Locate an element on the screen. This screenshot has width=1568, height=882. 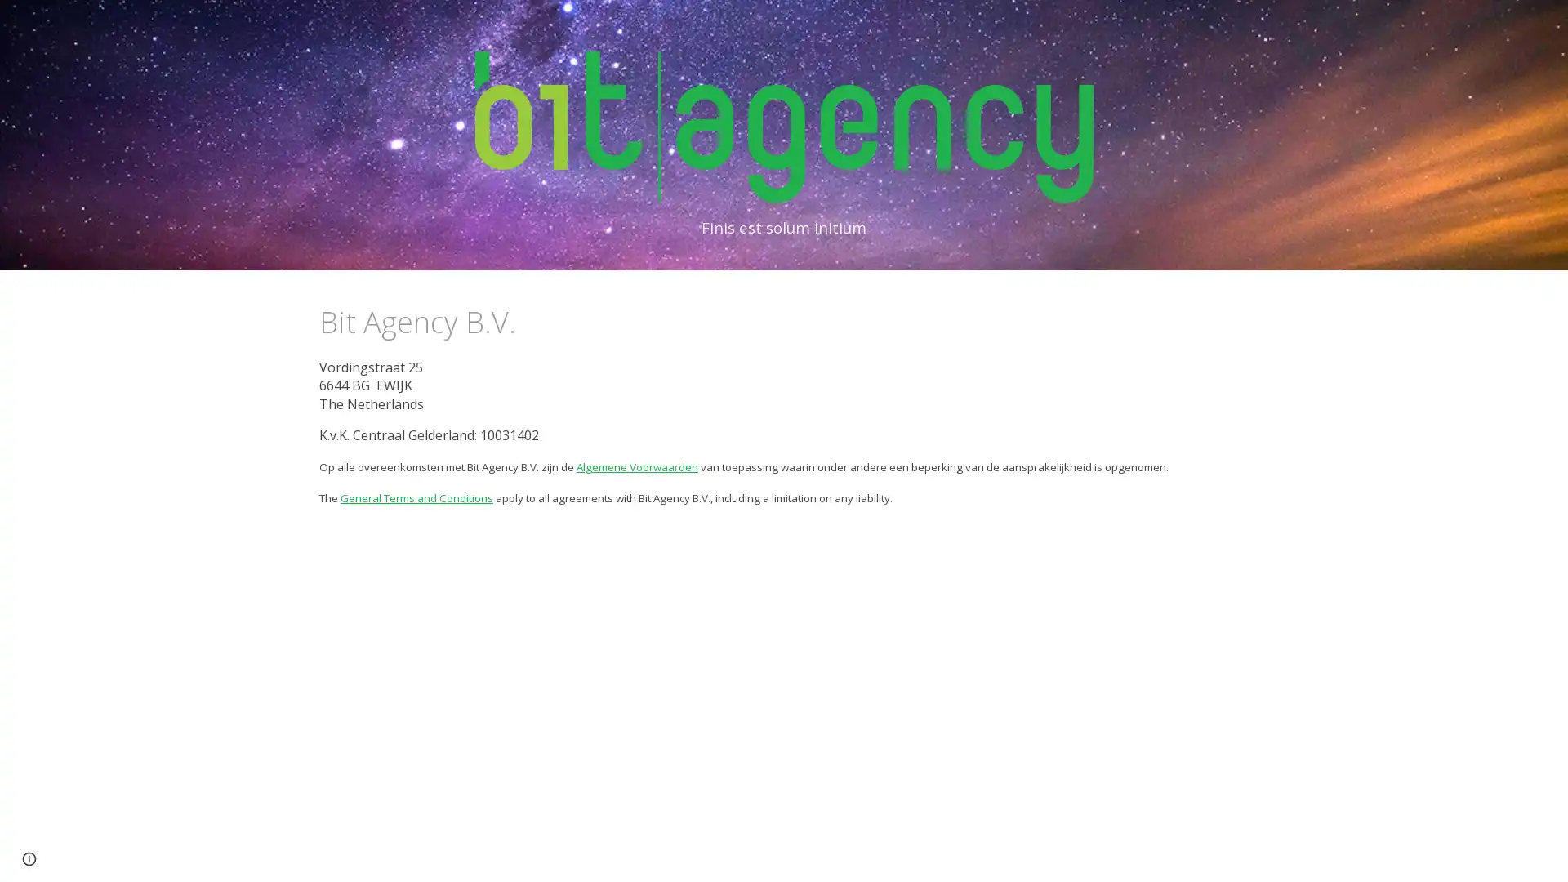
Report abuse is located at coordinates (127, 853).